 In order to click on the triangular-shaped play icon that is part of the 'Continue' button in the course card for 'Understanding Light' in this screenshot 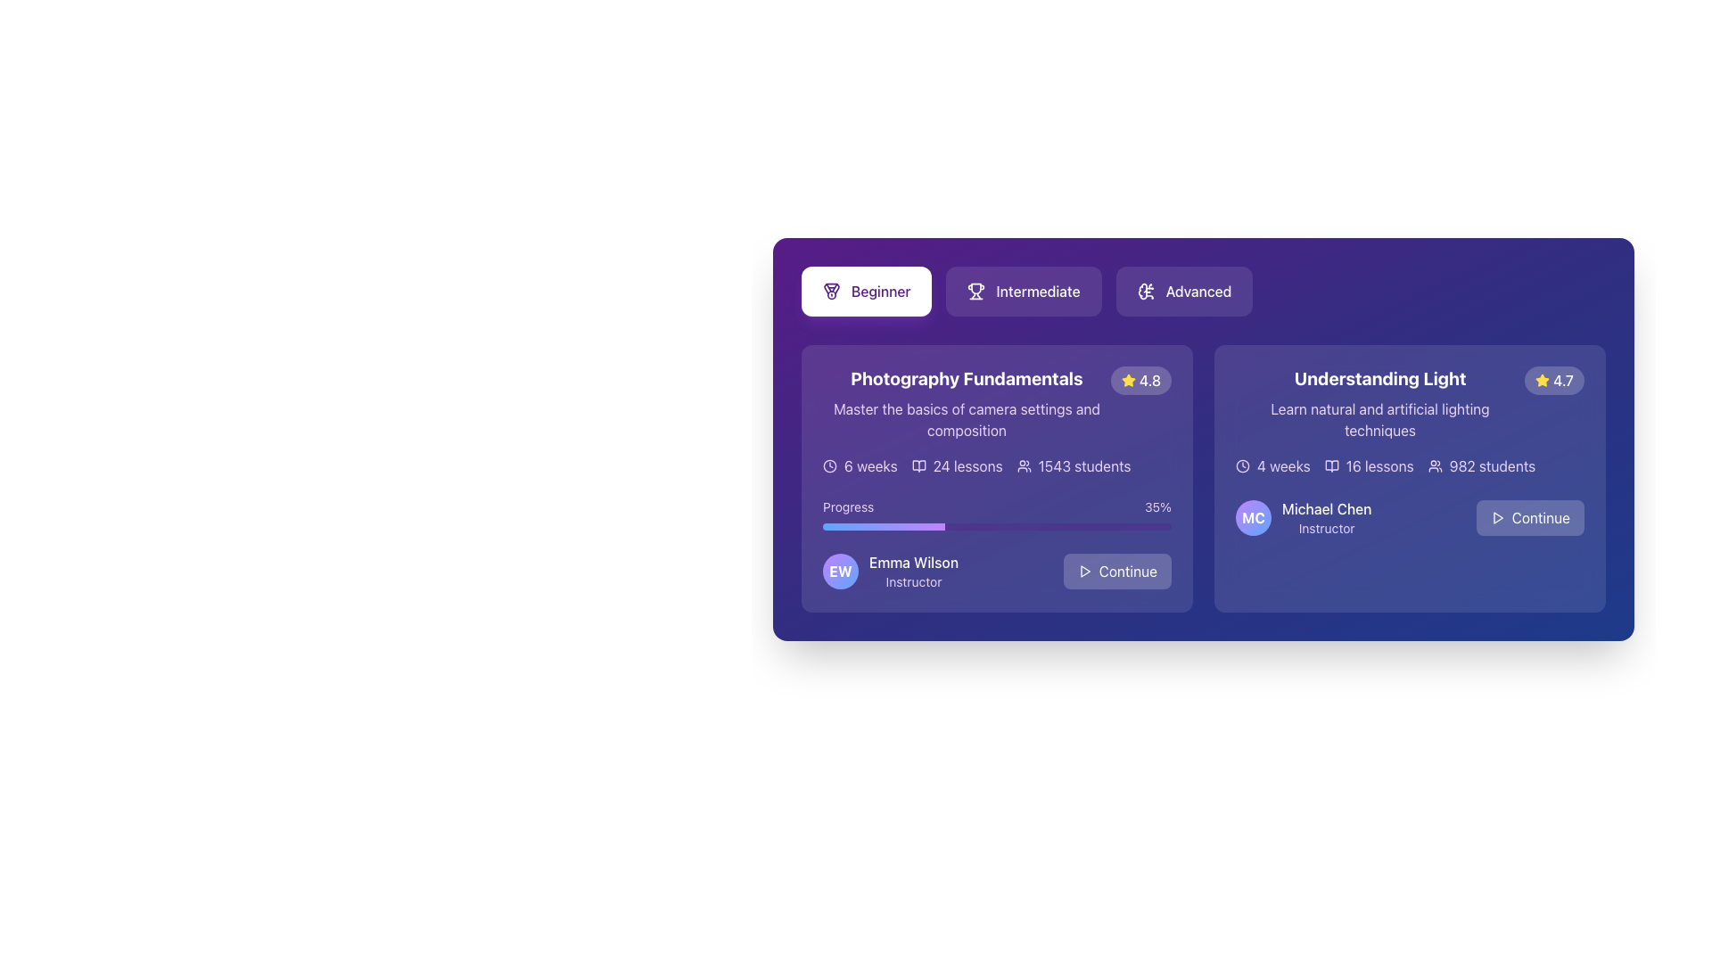, I will do `click(1497, 518)`.